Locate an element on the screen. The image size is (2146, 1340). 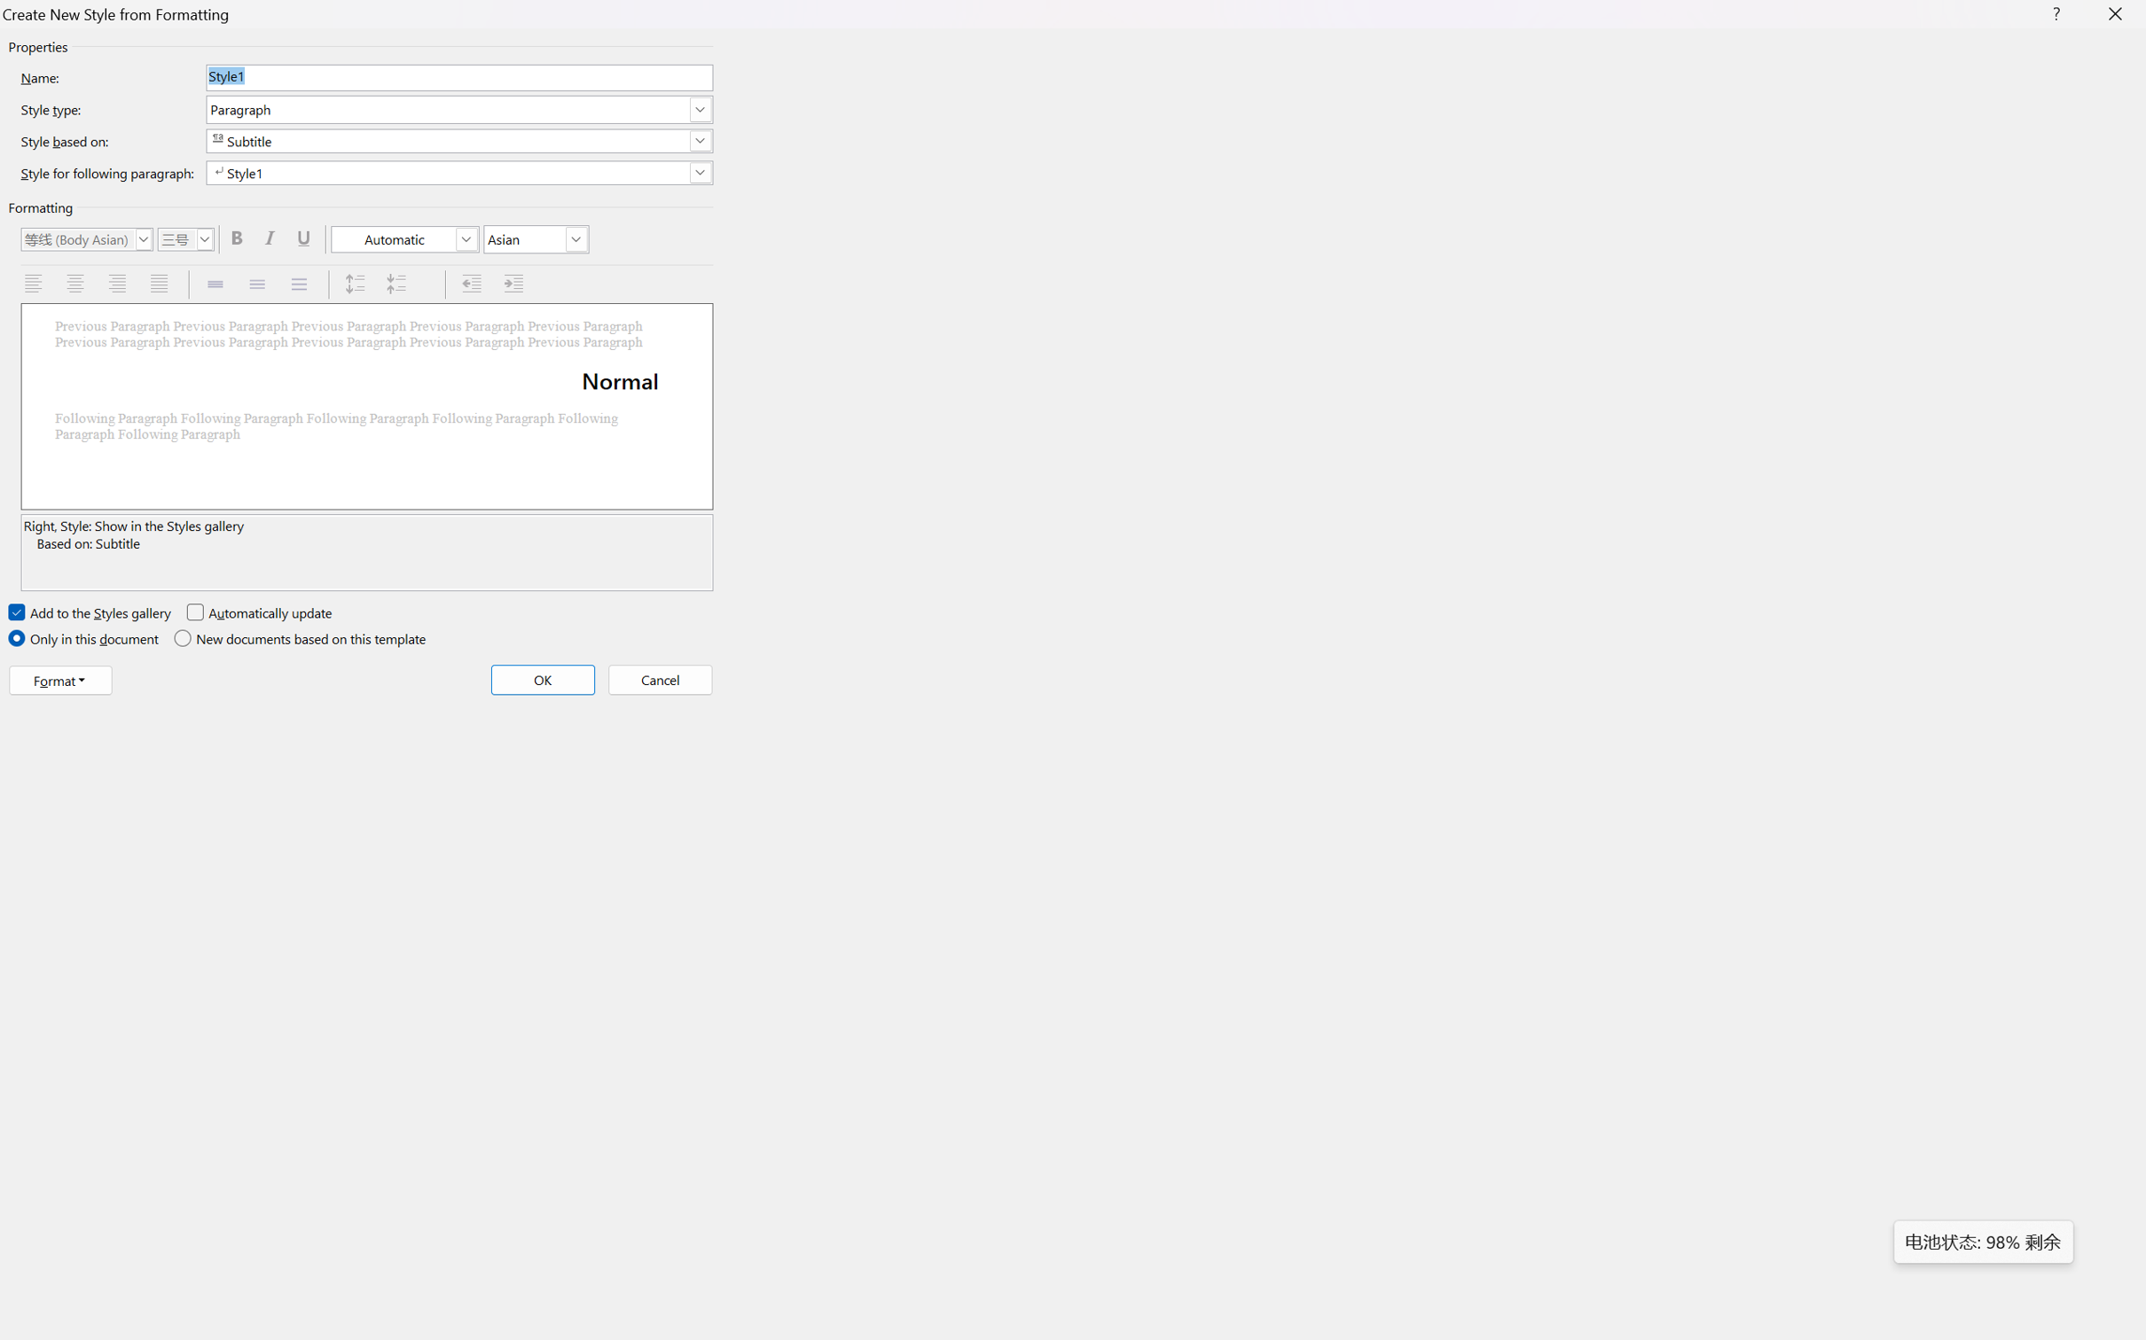
'Align Left' is located at coordinates (35, 284).